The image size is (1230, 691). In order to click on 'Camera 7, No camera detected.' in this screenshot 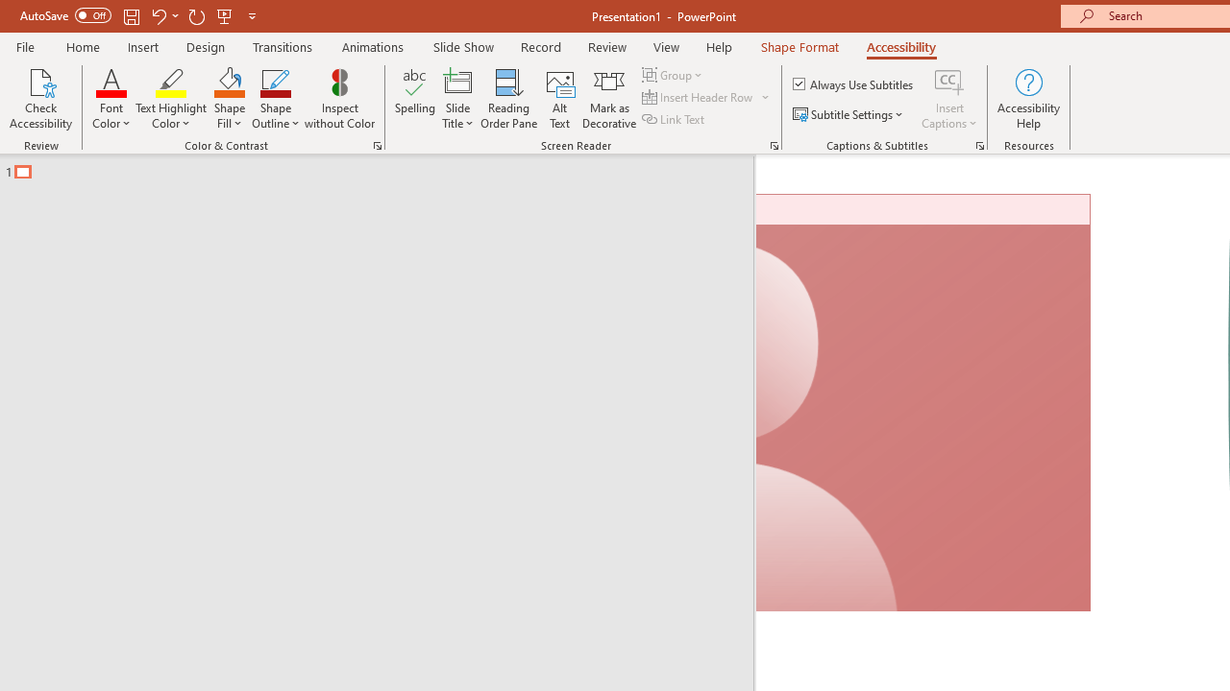, I will do `click(923, 402)`.